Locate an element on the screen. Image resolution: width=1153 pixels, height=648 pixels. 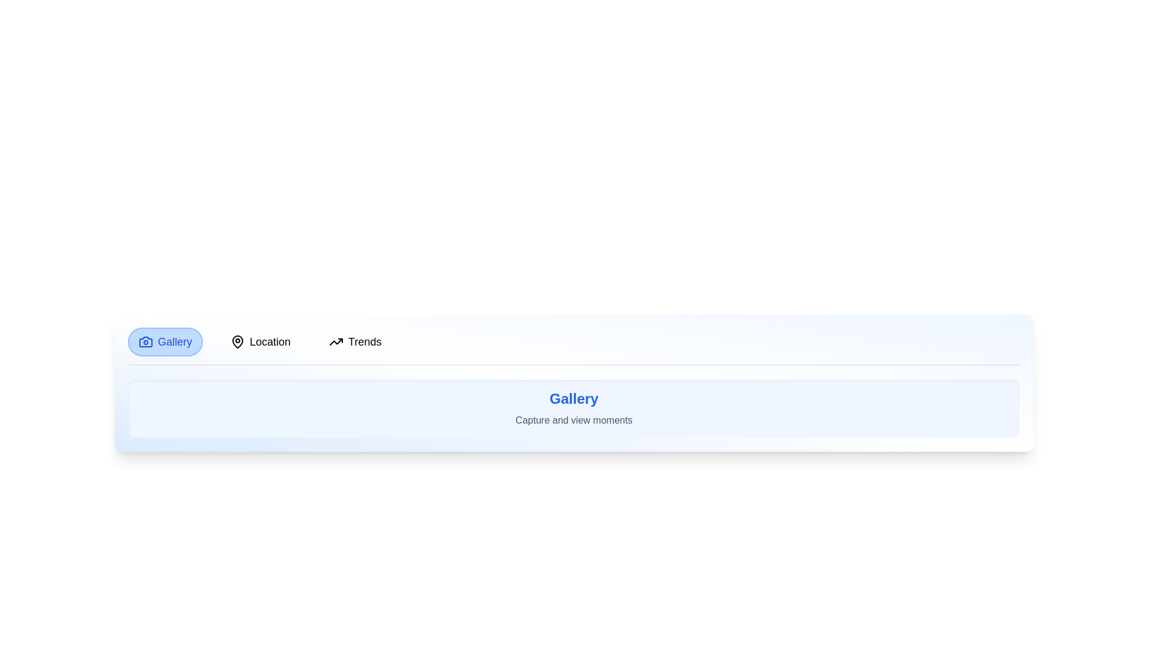
the Gallery tab to observe the active tab styling changes is located at coordinates (165, 342).